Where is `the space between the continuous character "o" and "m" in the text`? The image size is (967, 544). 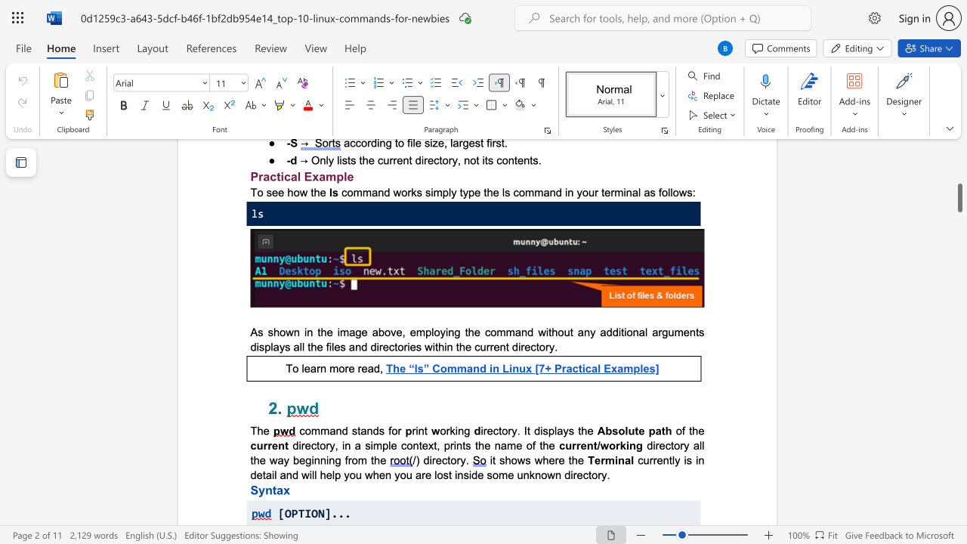 the space between the continuous character "o" and "m" in the text is located at coordinates (497, 331).